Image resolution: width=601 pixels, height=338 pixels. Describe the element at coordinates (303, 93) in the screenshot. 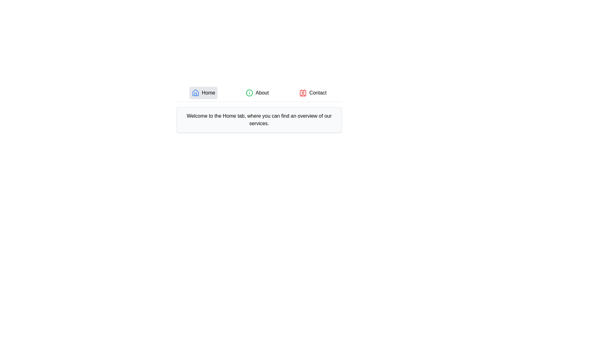

I see `the icon of the Contact tab` at that location.